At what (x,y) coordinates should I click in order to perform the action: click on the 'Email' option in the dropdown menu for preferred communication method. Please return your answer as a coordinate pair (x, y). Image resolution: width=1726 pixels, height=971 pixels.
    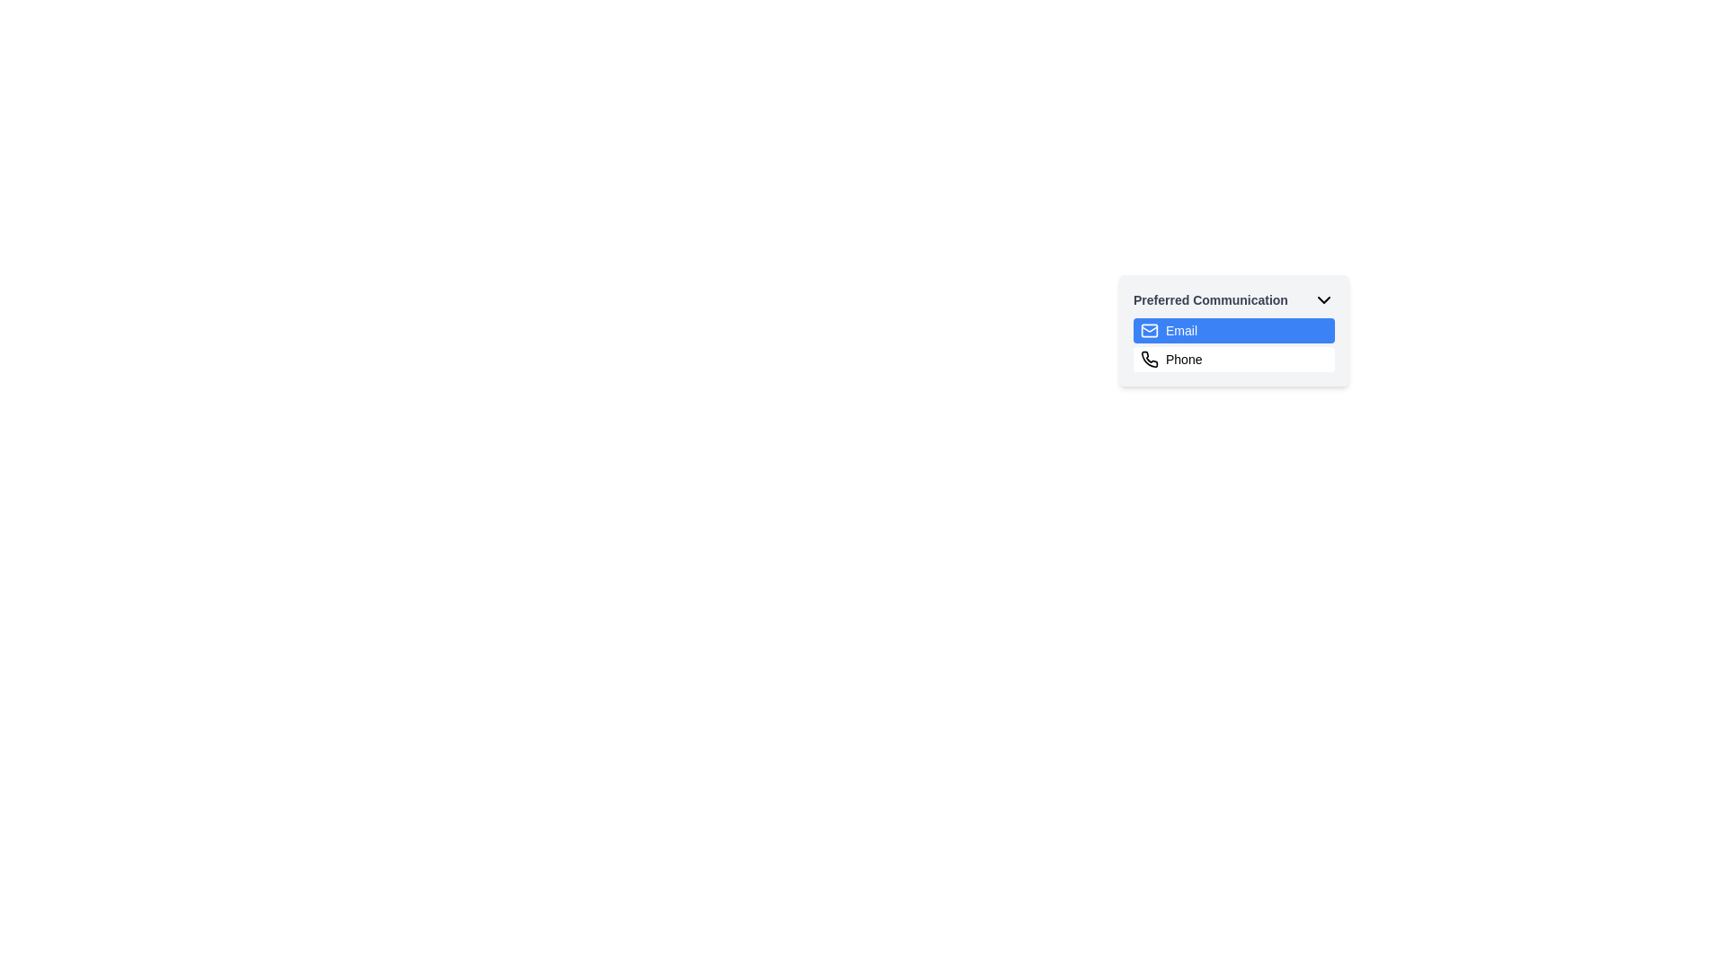
    Looking at the image, I should click on (1232, 330).